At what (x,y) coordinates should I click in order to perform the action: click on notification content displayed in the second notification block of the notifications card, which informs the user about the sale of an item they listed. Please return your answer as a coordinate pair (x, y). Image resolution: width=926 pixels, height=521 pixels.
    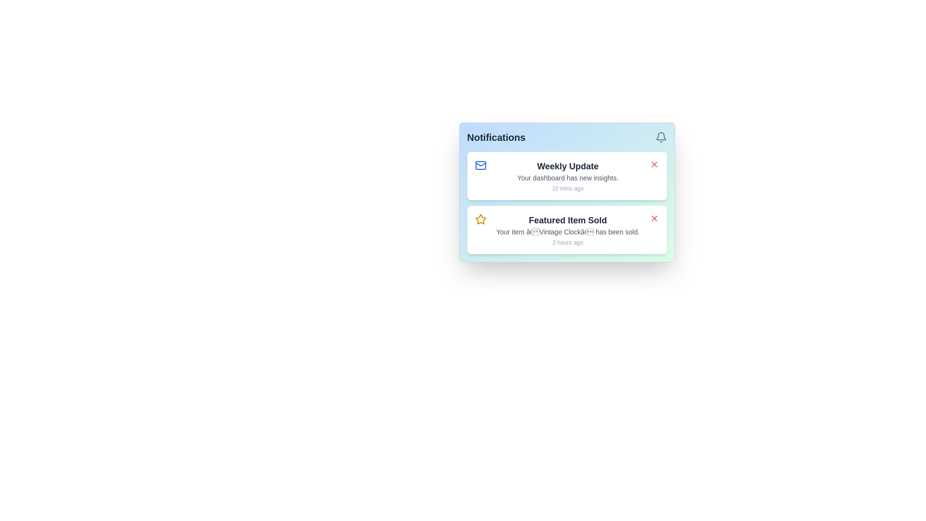
    Looking at the image, I should click on (568, 230).